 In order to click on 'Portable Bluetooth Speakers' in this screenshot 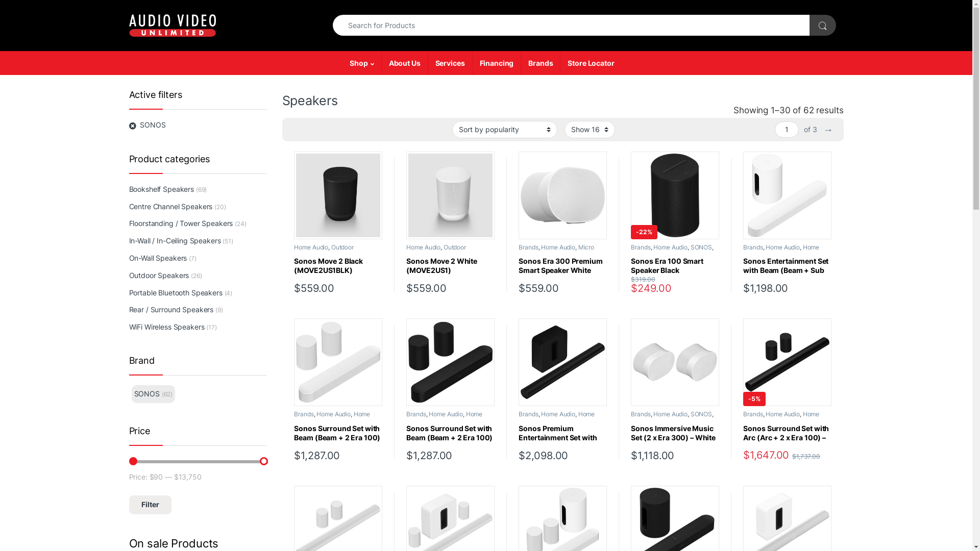, I will do `click(175, 293)`.